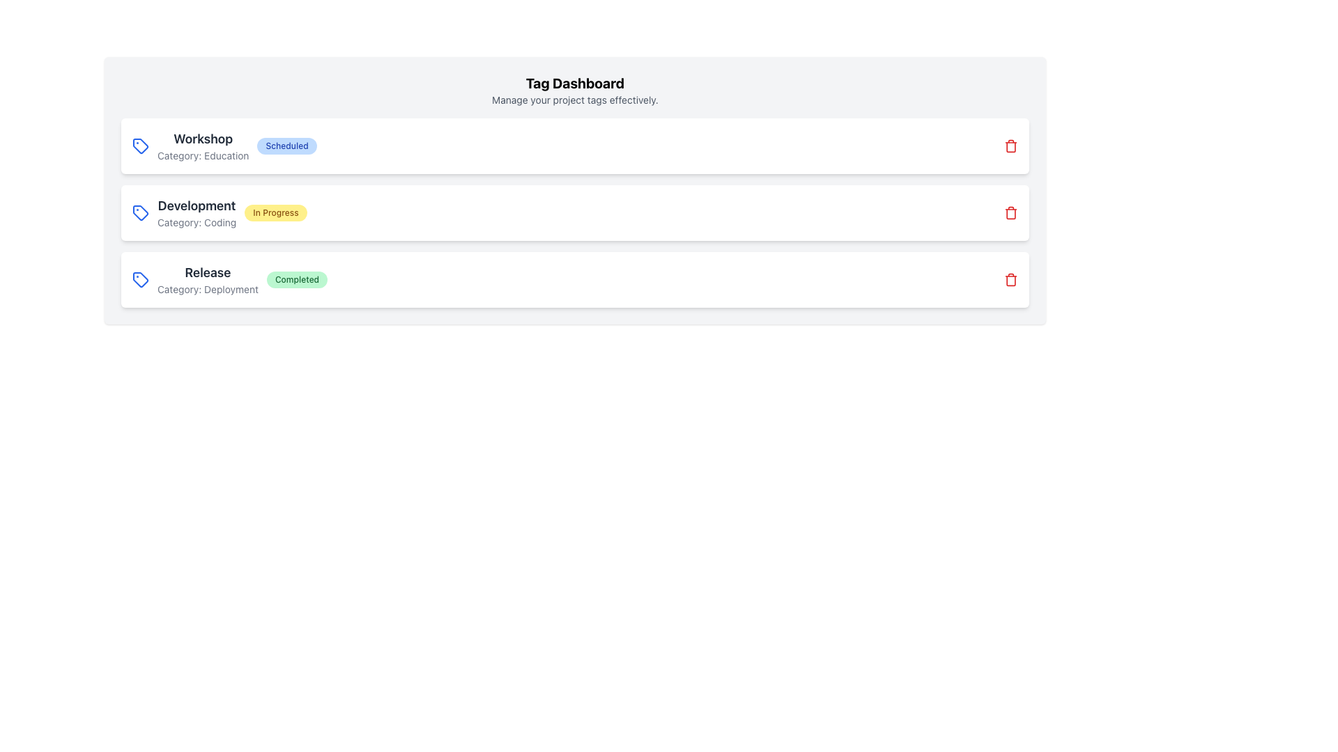  What do you see at coordinates (275, 212) in the screenshot?
I see `the small, pill-shaped label with a yellow background and the text 'In Progress', located to the right of the 'Development' section in the second row of the list` at bounding box center [275, 212].